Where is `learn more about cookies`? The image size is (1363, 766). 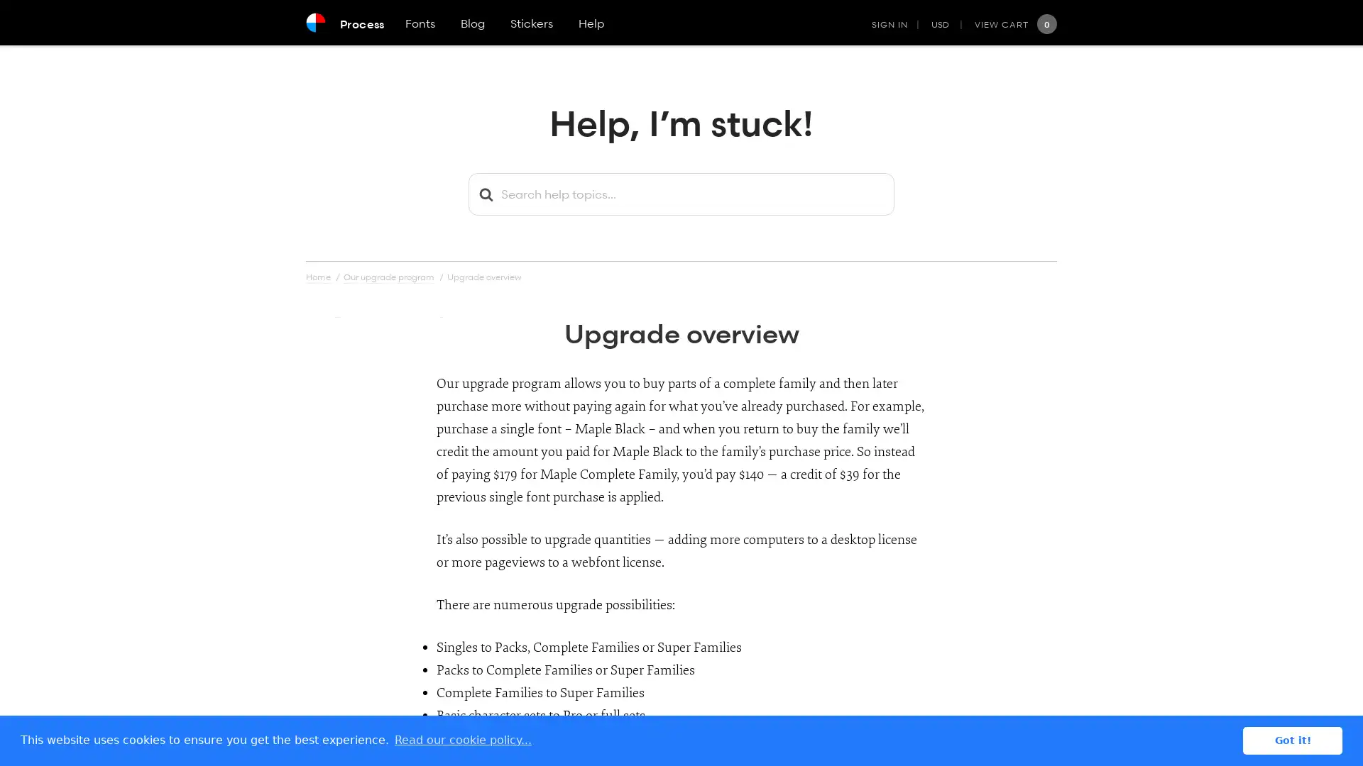
learn more about cookies is located at coordinates (463, 740).